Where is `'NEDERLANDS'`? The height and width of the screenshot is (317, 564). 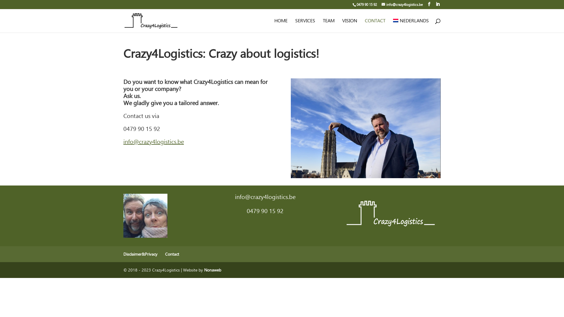
'NEDERLANDS' is located at coordinates (410, 25).